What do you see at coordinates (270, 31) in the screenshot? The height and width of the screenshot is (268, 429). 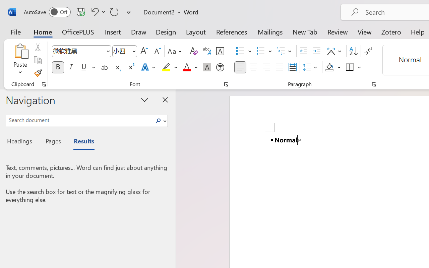 I see `'Mailings'` at bounding box center [270, 31].